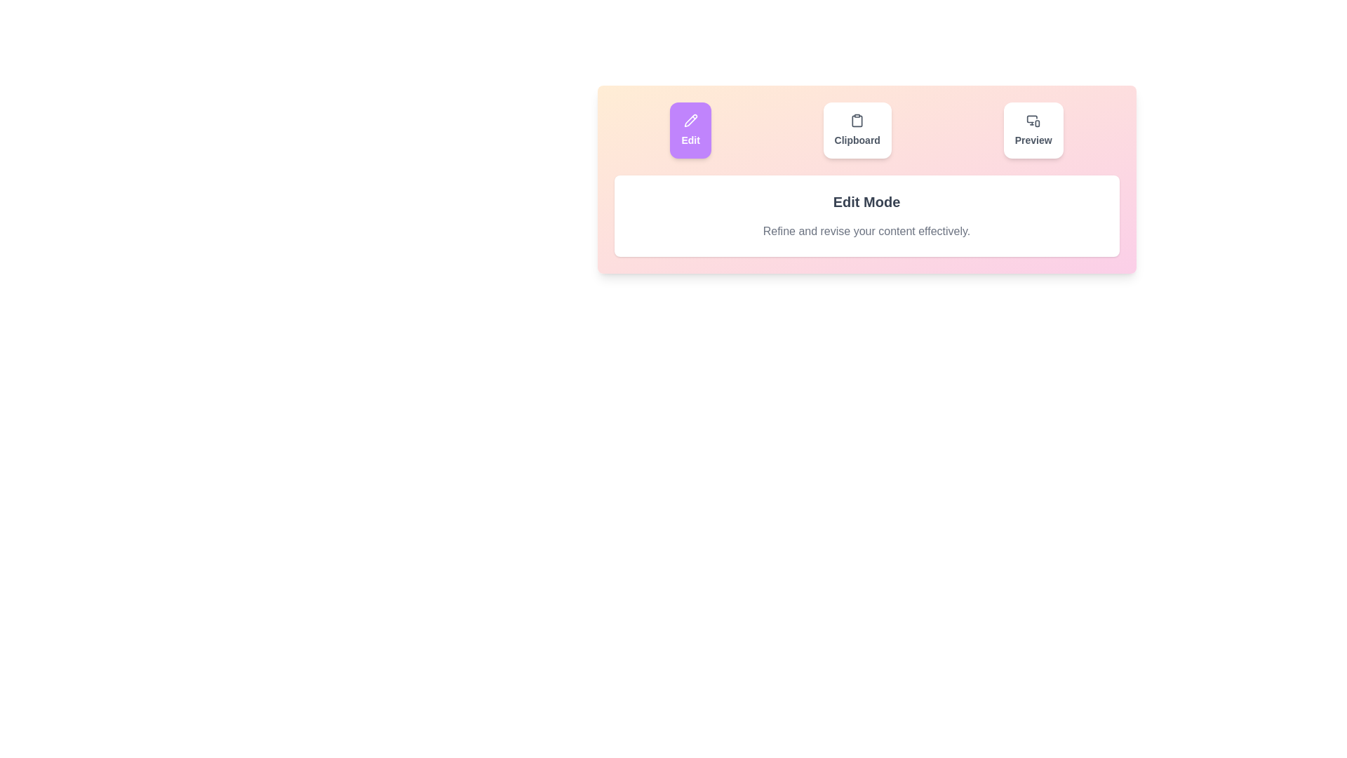  What do you see at coordinates (857, 130) in the screenshot?
I see `the tab button labeled Clipboard` at bounding box center [857, 130].